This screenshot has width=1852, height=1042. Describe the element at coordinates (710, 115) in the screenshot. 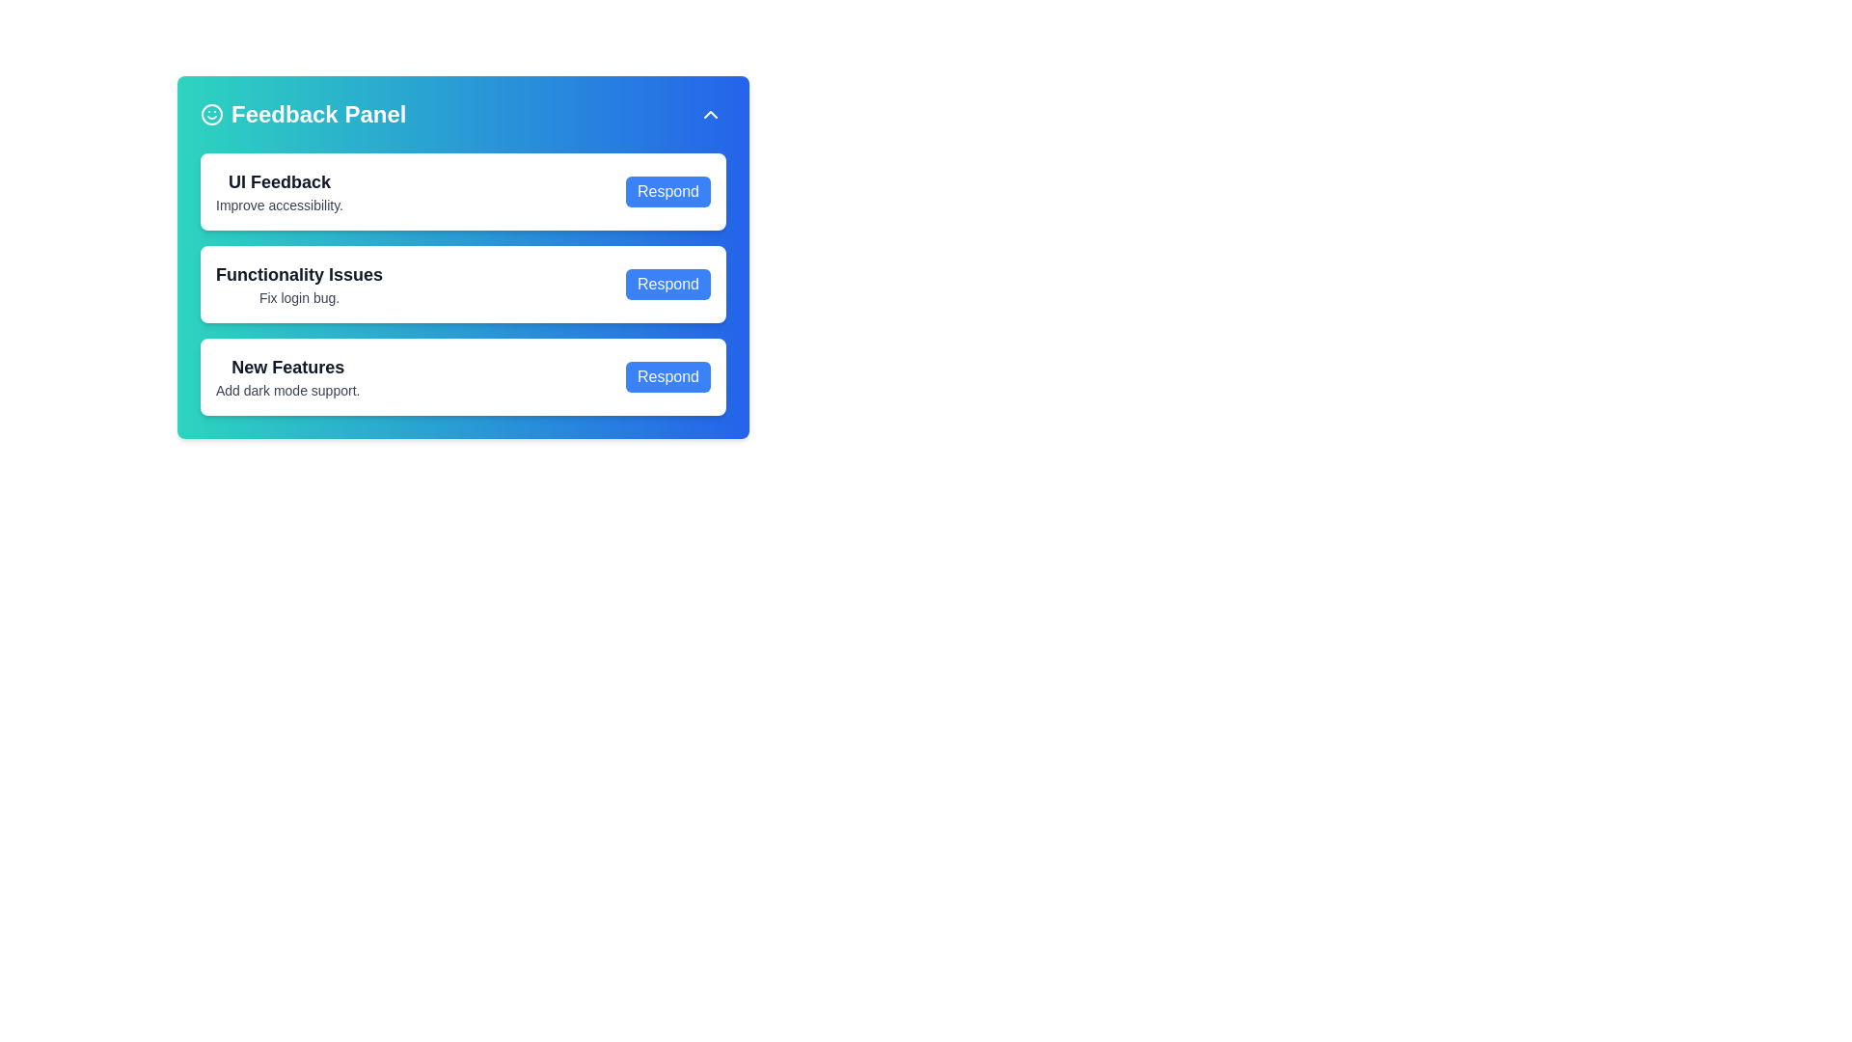

I see `the chevron icon in the top-right corner of the Feedback Panel` at that location.